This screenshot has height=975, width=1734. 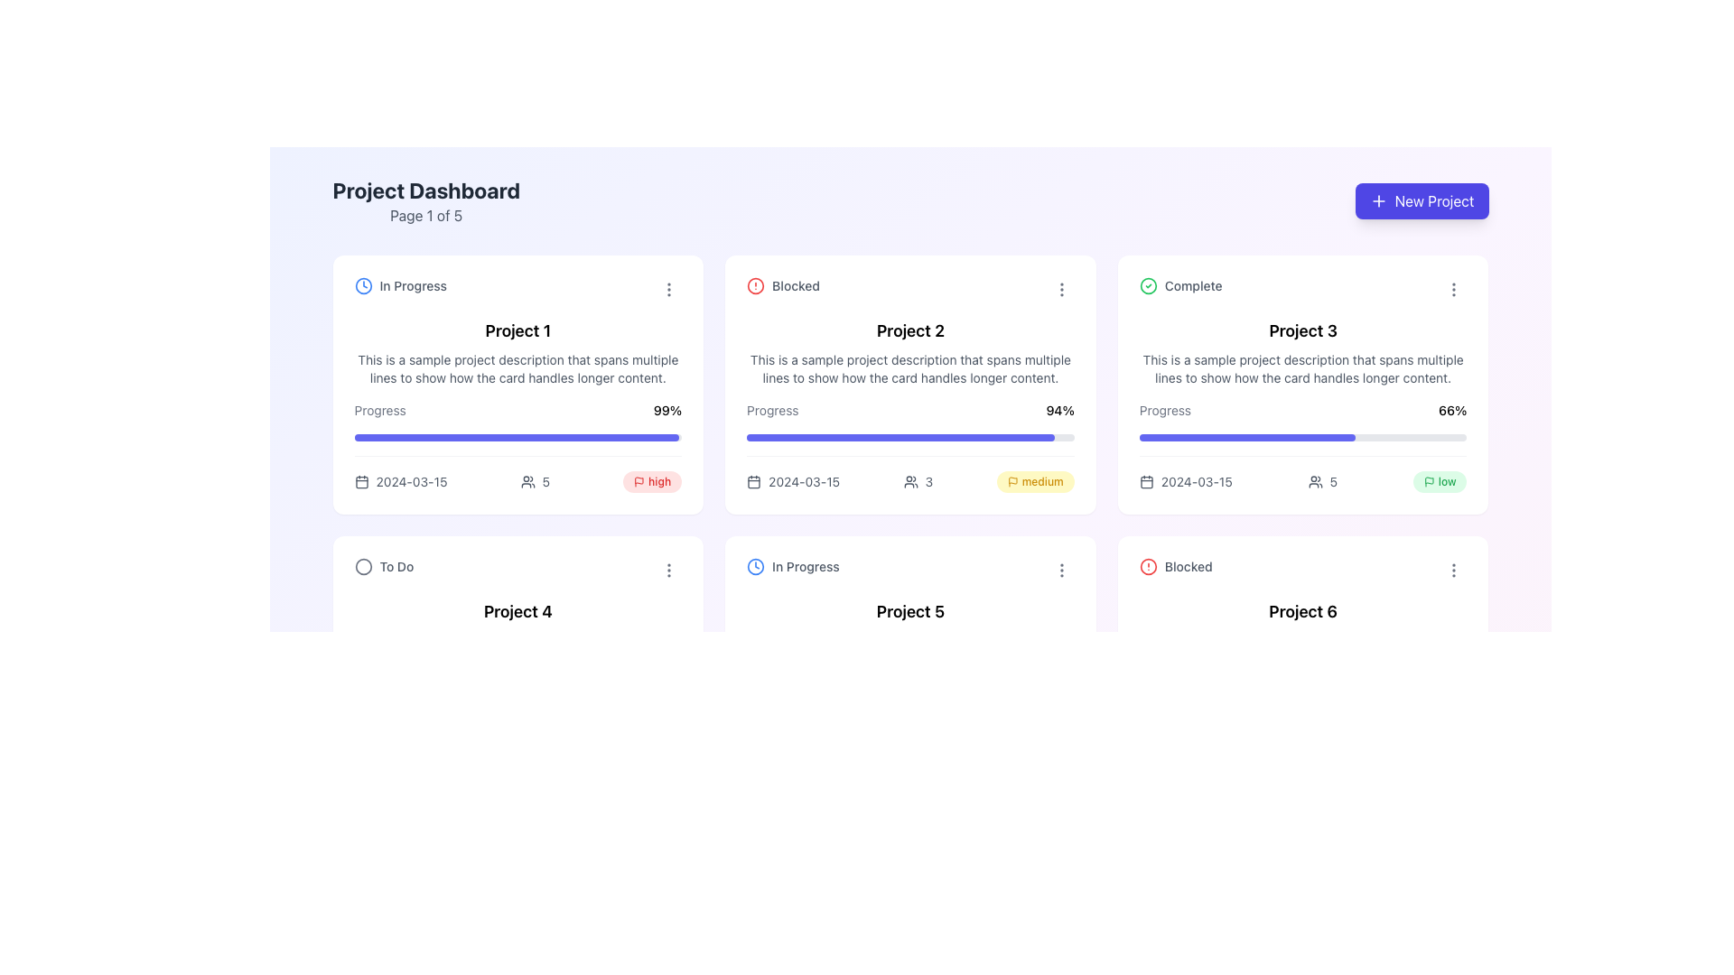 What do you see at coordinates (1454, 571) in the screenshot?
I see `the vertical ellipsis icon located in the top-right corner of the card for 'Project 6'` at bounding box center [1454, 571].